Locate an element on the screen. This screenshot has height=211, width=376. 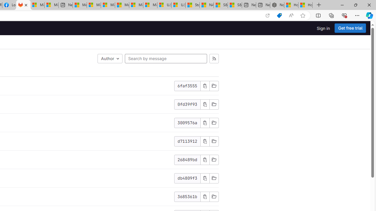
'Microsoft account | Privacy' is located at coordinates (93, 5).